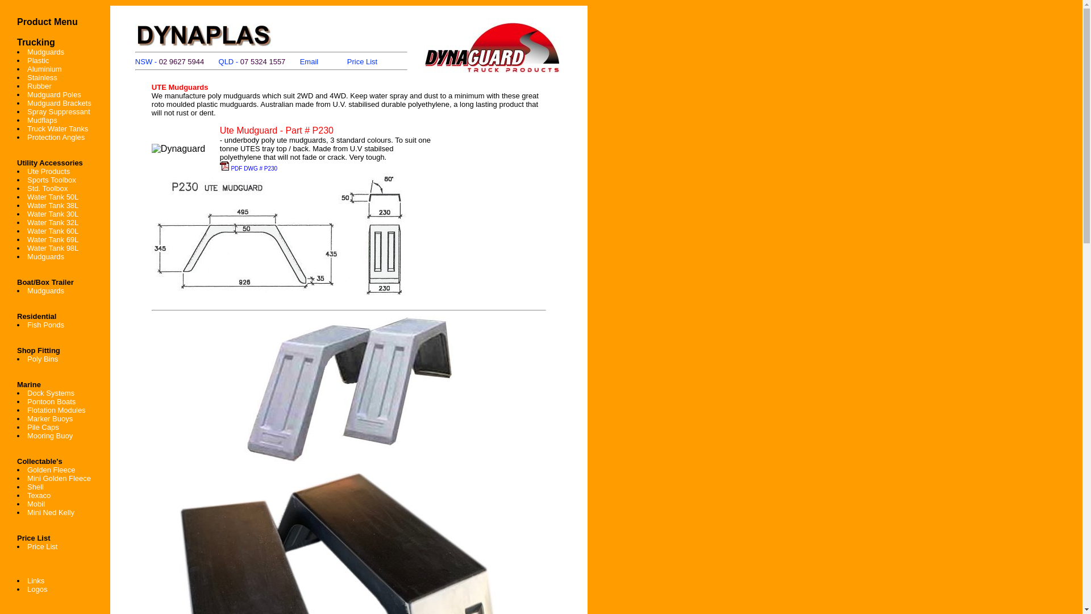 The width and height of the screenshot is (1091, 614). I want to click on 'Water Tank 69L', so click(52, 239).